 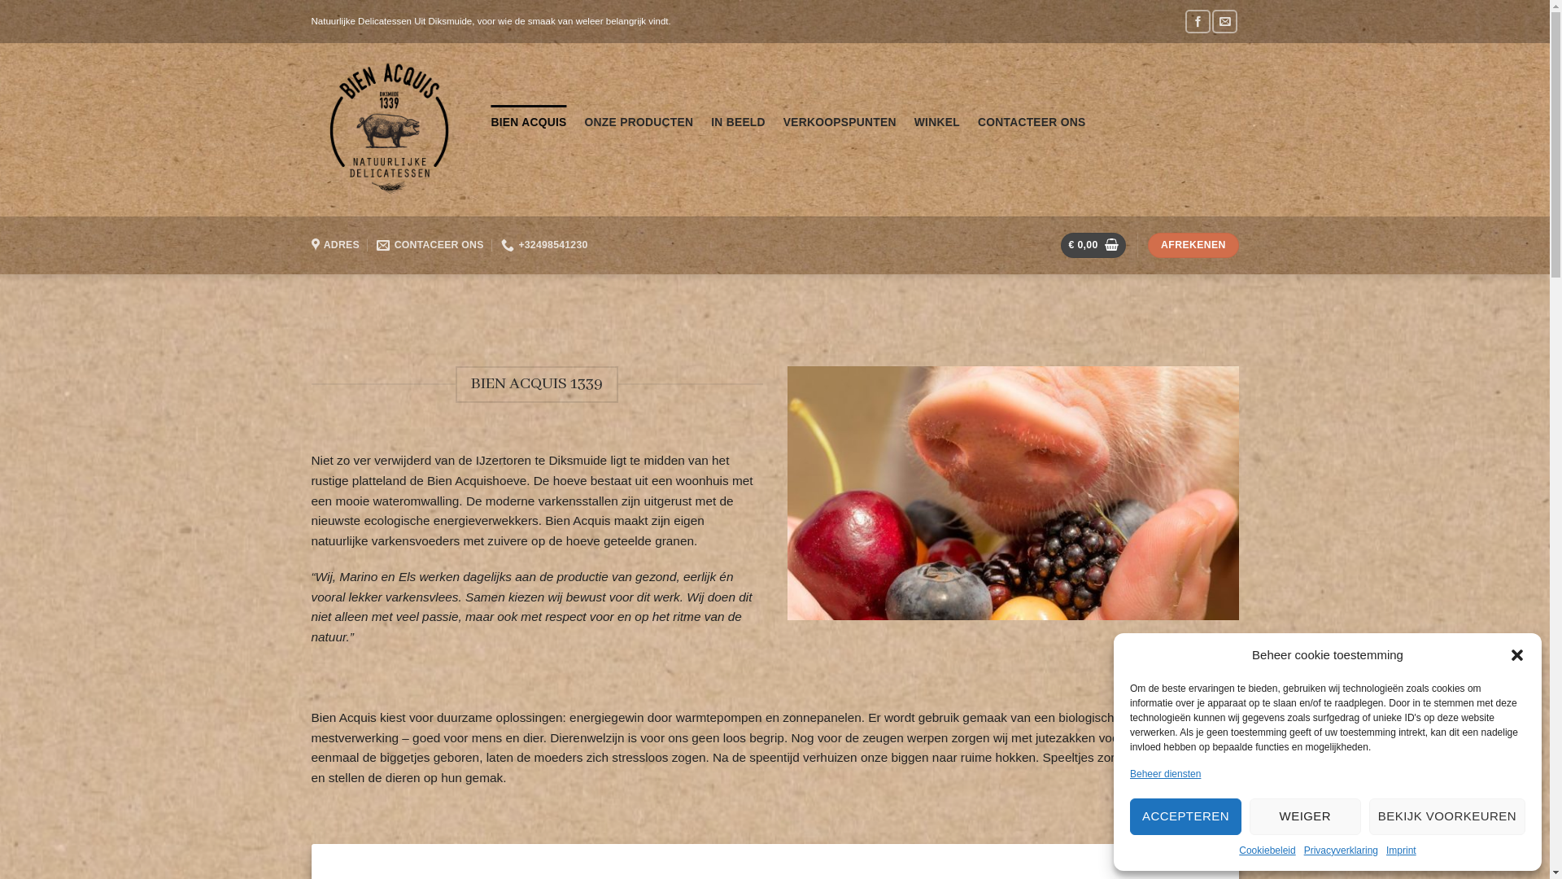 What do you see at coordinates (937, 121) in the screenshot?
I see `'WINKEL'` at bounding box center [937, 121].